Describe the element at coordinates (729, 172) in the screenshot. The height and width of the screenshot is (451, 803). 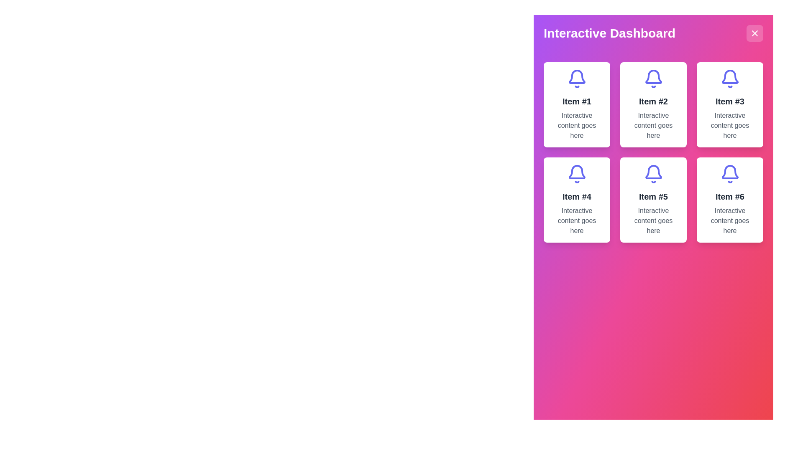
I see `the bell icon at the top-center of the sixth card in the grid` at that location.